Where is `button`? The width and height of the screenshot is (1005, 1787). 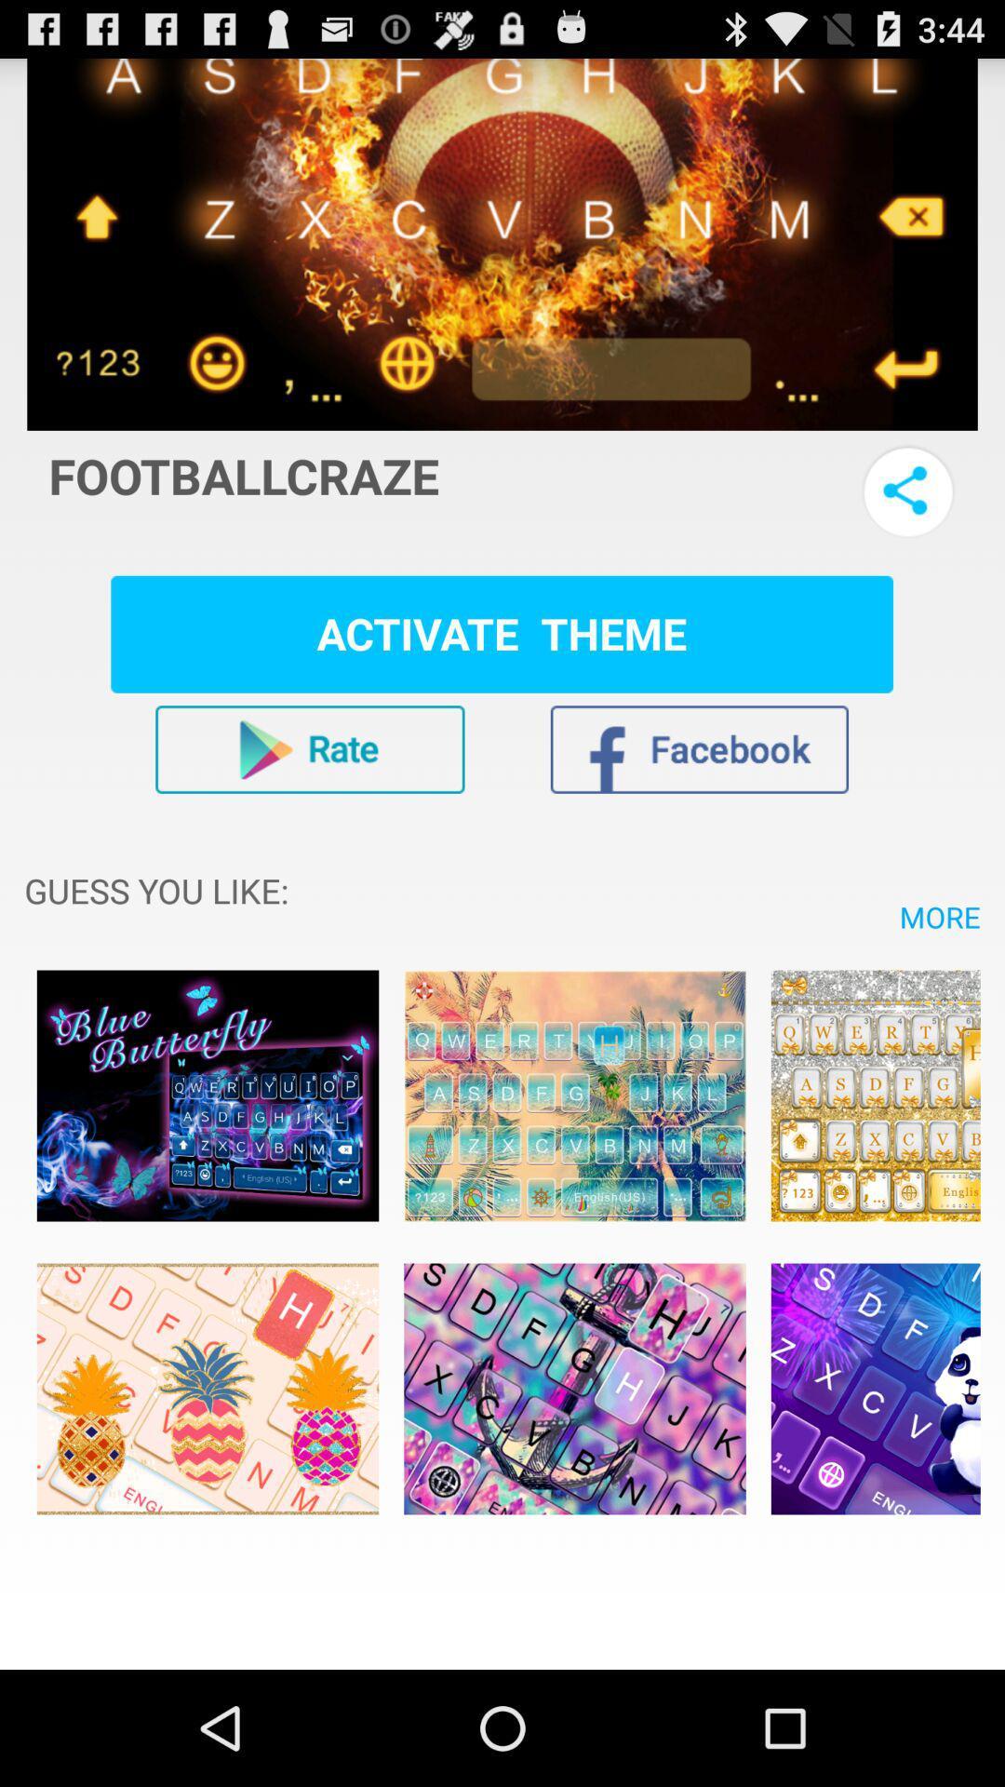
button is located at coordinates (309, 749).